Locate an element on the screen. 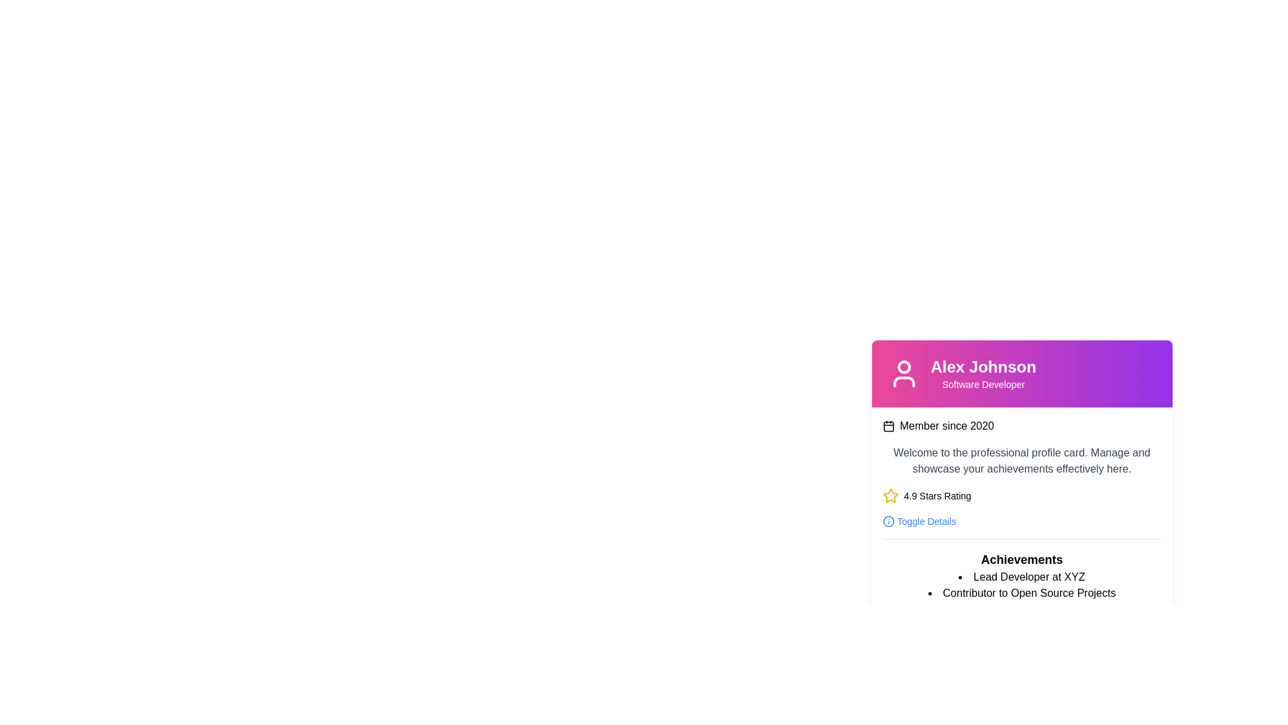 The image size is (1288, 725). the 'Toggle Details' text element, which is located at the bottom of the user profile card and is visually aligned next to an information icon is located at coordinates (926, 520).